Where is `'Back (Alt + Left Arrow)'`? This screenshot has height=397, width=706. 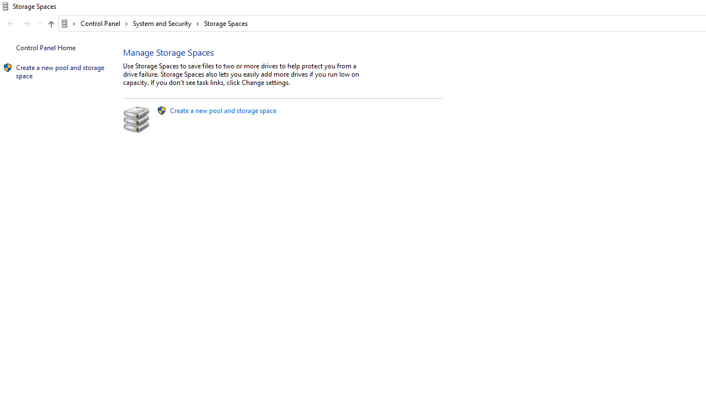 'Back (Alt + Left Arrow)' is located at coordinates (10, 24).